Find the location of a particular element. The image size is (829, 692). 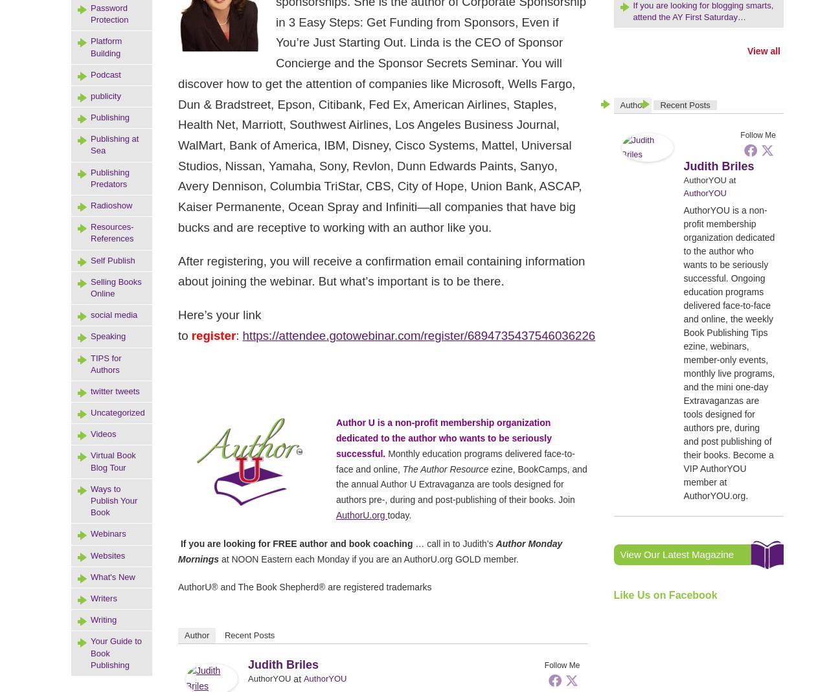

'After registering, you will receive a confirmation email containing information about joining the webinar. But what’s important is to be there.' is located at coordinates (381, 271).